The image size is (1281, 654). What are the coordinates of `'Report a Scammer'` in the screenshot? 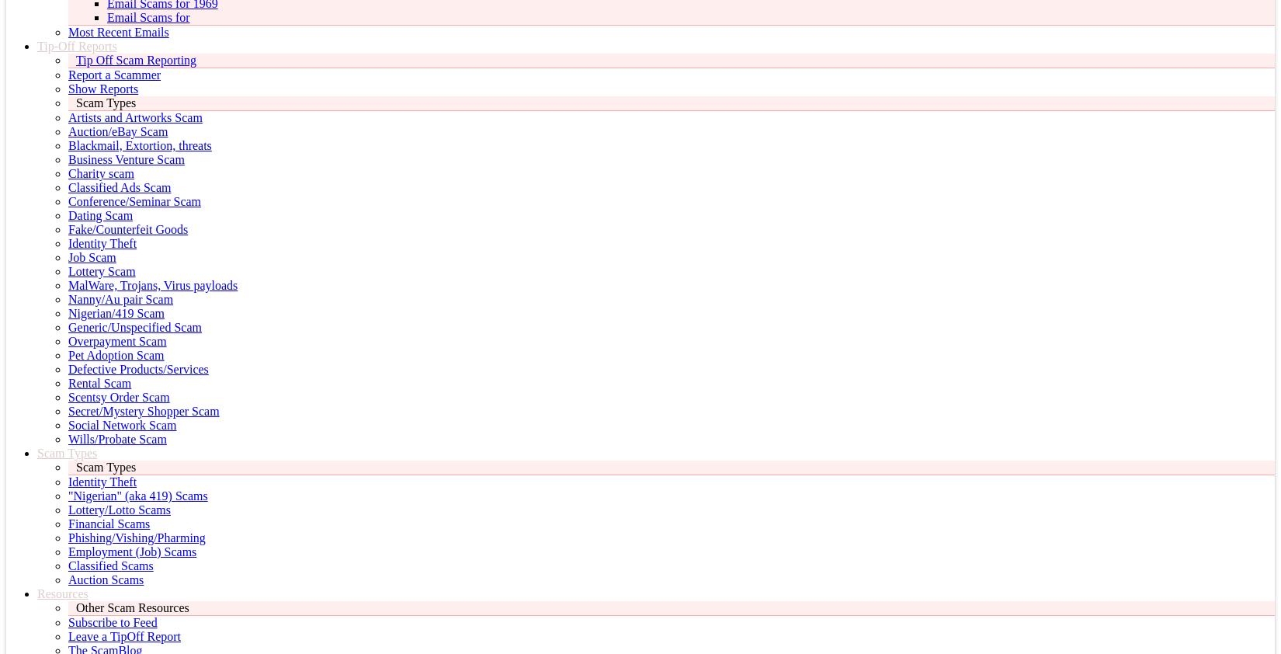 It's located at (114, 74).